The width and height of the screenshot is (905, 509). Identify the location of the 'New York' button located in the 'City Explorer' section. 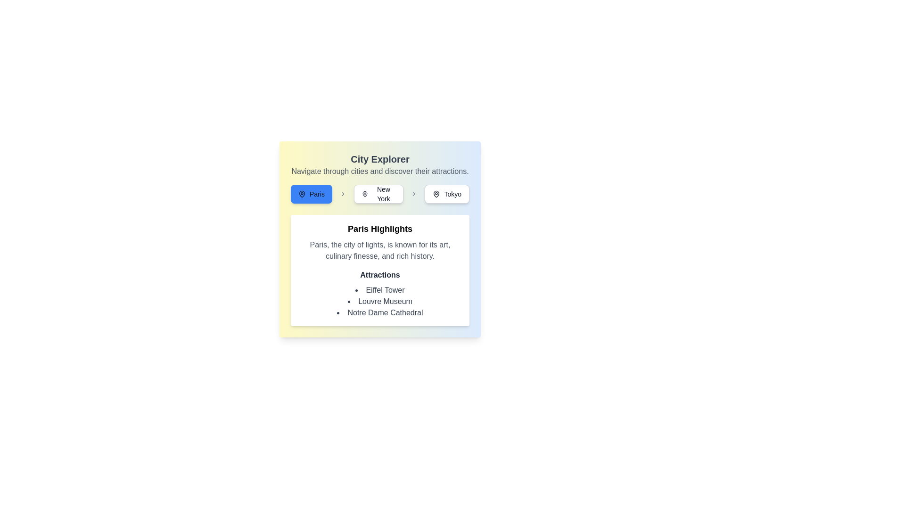
(380, 194).